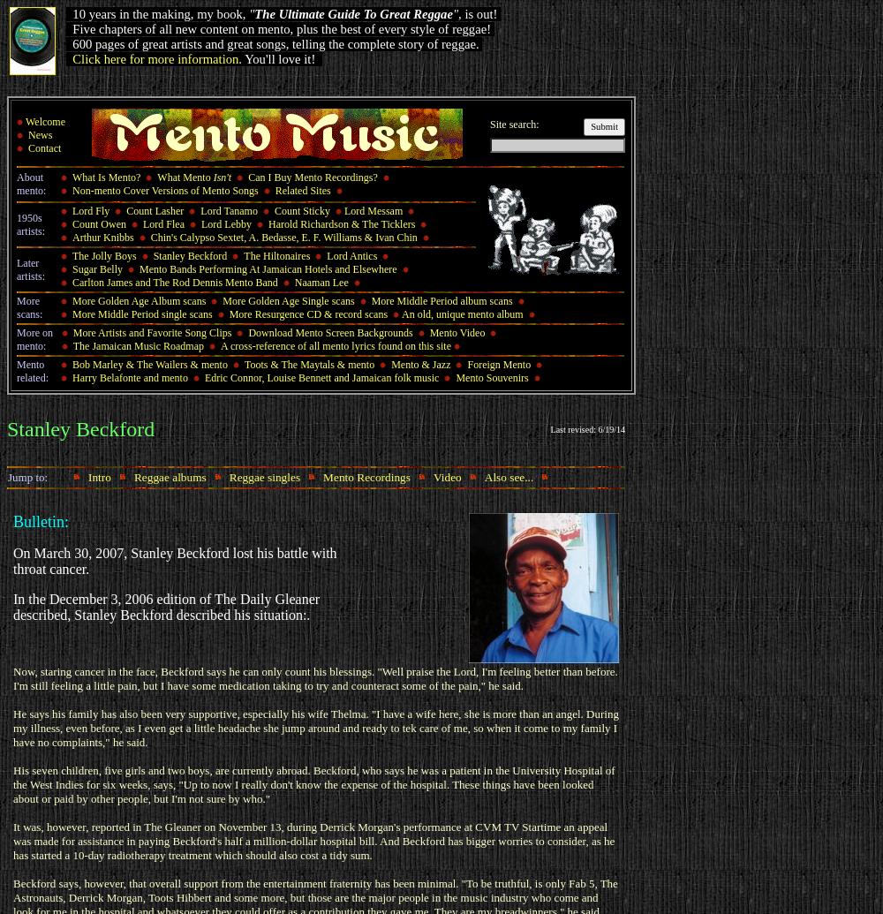 The width and height of the screenshot is (883, 914). I want to click on 'On March 30, 2007, Stanley Beckford lost his battle with 
						throat cancer.', so click(174, 560).